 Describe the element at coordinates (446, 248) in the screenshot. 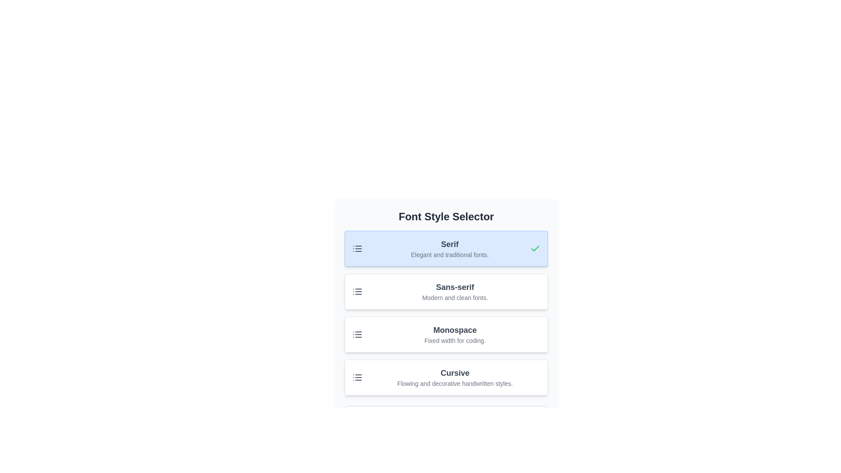

I see `the first selectable card in the Font Style Selector, which has a light blue background, a list icon on the left, a green tick on the right, and contains the text 'Serif' and 'Elegant and traditional fonts.'` at that location.